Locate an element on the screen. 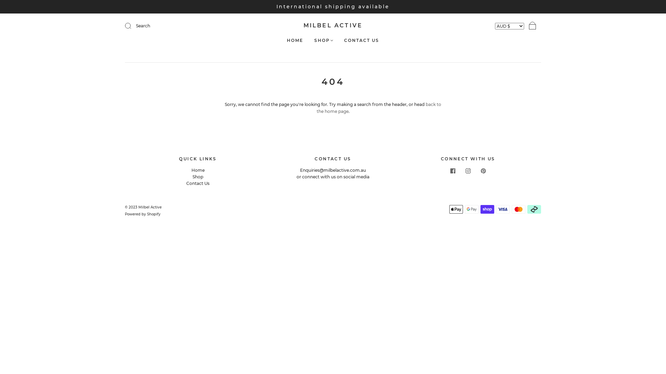 The width and height of the screenshot is (666, 374). 'Home' is located at coordinates (191, 170).